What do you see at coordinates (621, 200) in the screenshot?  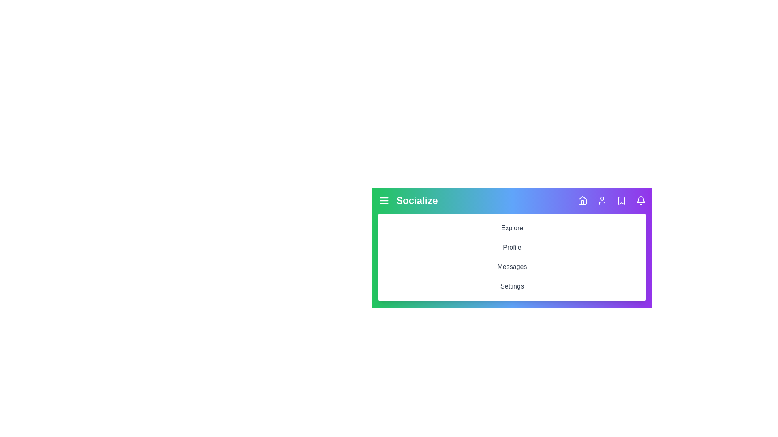 I see `the navigation bar icon to navigate to Bookmark` at bounding box center [621, 200].